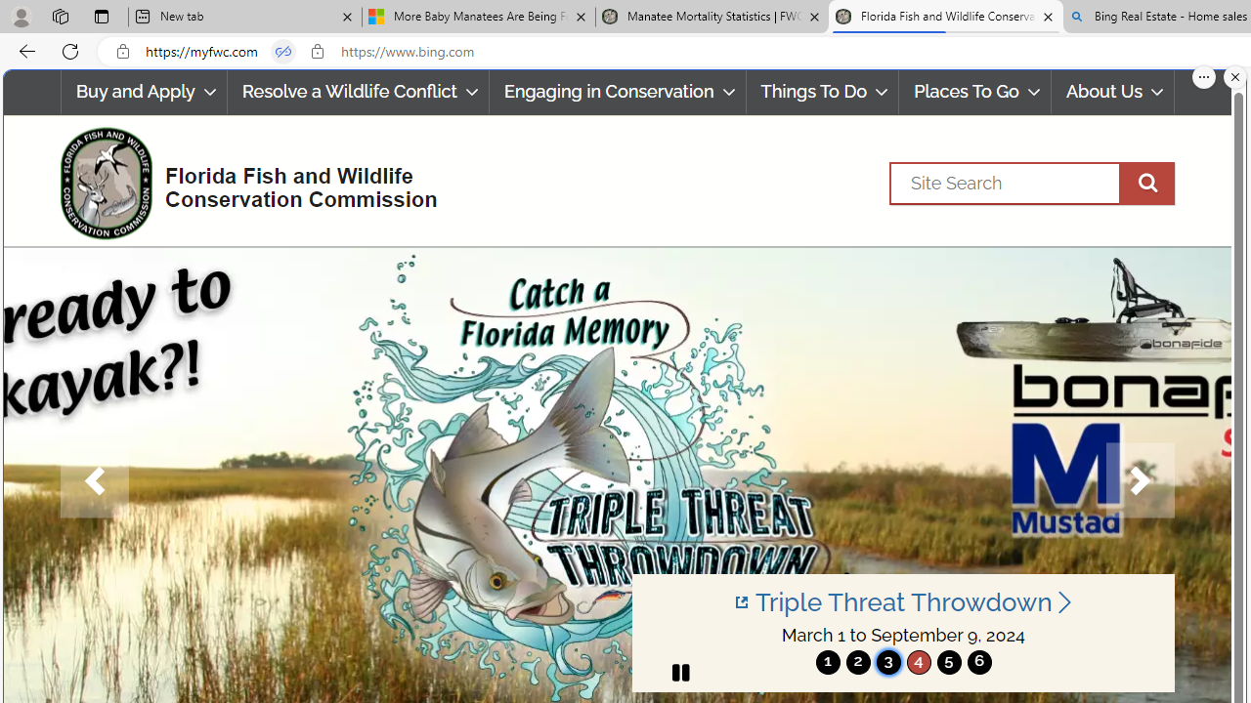  Describe the element at coordinates (974, 92) in the screenshot. I see `'Places To Go'` at that location.